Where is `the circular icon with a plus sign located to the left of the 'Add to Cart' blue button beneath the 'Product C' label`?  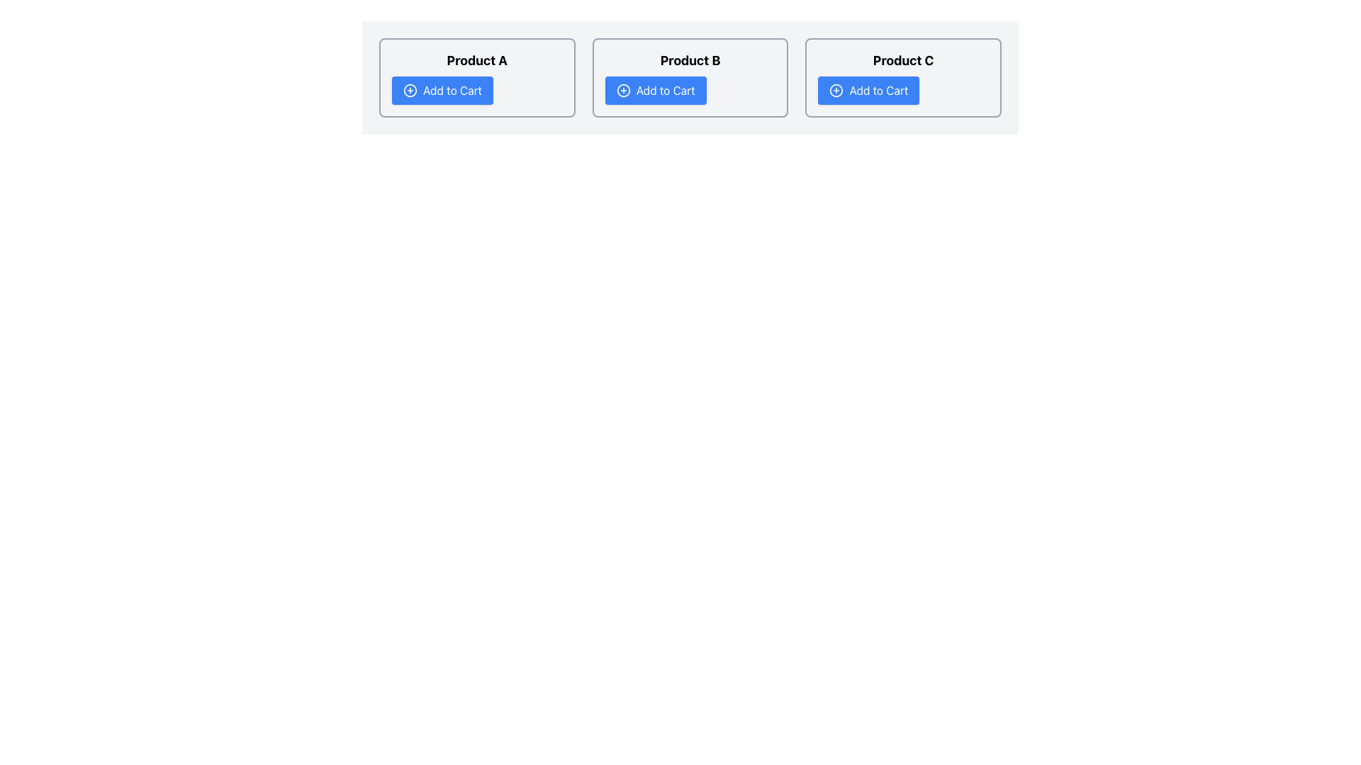 the circular icon with a plus sign located to the left of the 'Add to Cart' blue button beneath the 'Product C' label is located at coordinates (836, 90).